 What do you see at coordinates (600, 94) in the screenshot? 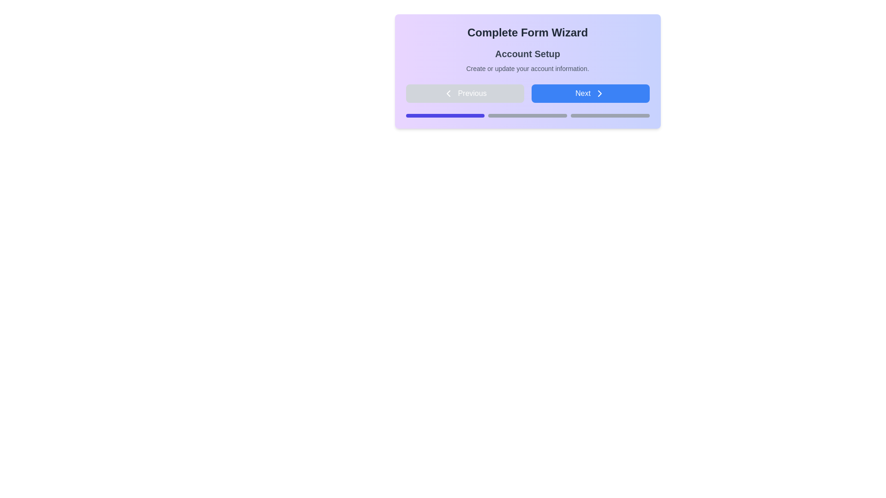
I see `the chevron icon indicating the 'Next' action within the button labeled 'Next' at the bottom of the modal dialog box` at bounding box center [600, 94].